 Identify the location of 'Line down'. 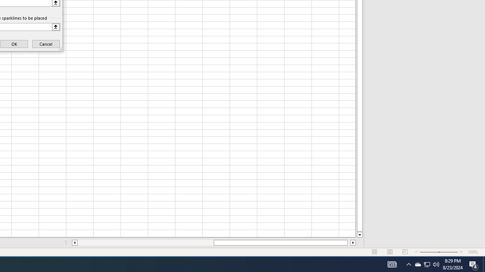
(359, 235).